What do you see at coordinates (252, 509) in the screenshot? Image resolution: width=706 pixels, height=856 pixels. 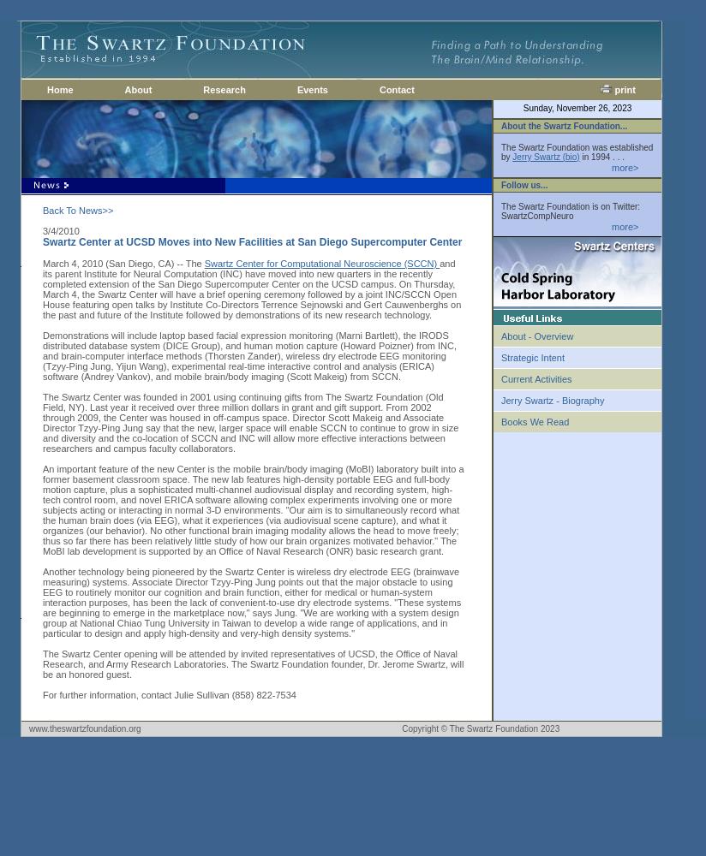 I see `'An important feature of the new Center is the mobile brain/body imaging (MoBI) laboratory built into a former basement classroom space. The new lab features high-density portable EEG and full-body motion capture, plus a sophisticated multi-channel audiovisual display and recording system, high-tech control room, and novel ERICA software allowing complex experiments involving one or more subjects acting or interacting in normal 3-D environments. "Our aim is to simultaneously record what the human brain does (via EEG), what it experiences (via audiovisual scene capture), and what it organizes (our behavior). No other functional brain imaging modality allows the head to move freely; thus so far there has been relatively little study of how our brain organizes motivated behavior." The MoBI lab development is supported by an Office of Naval Research (ONR) basic research grant.'` at bounding box center [252, 509].